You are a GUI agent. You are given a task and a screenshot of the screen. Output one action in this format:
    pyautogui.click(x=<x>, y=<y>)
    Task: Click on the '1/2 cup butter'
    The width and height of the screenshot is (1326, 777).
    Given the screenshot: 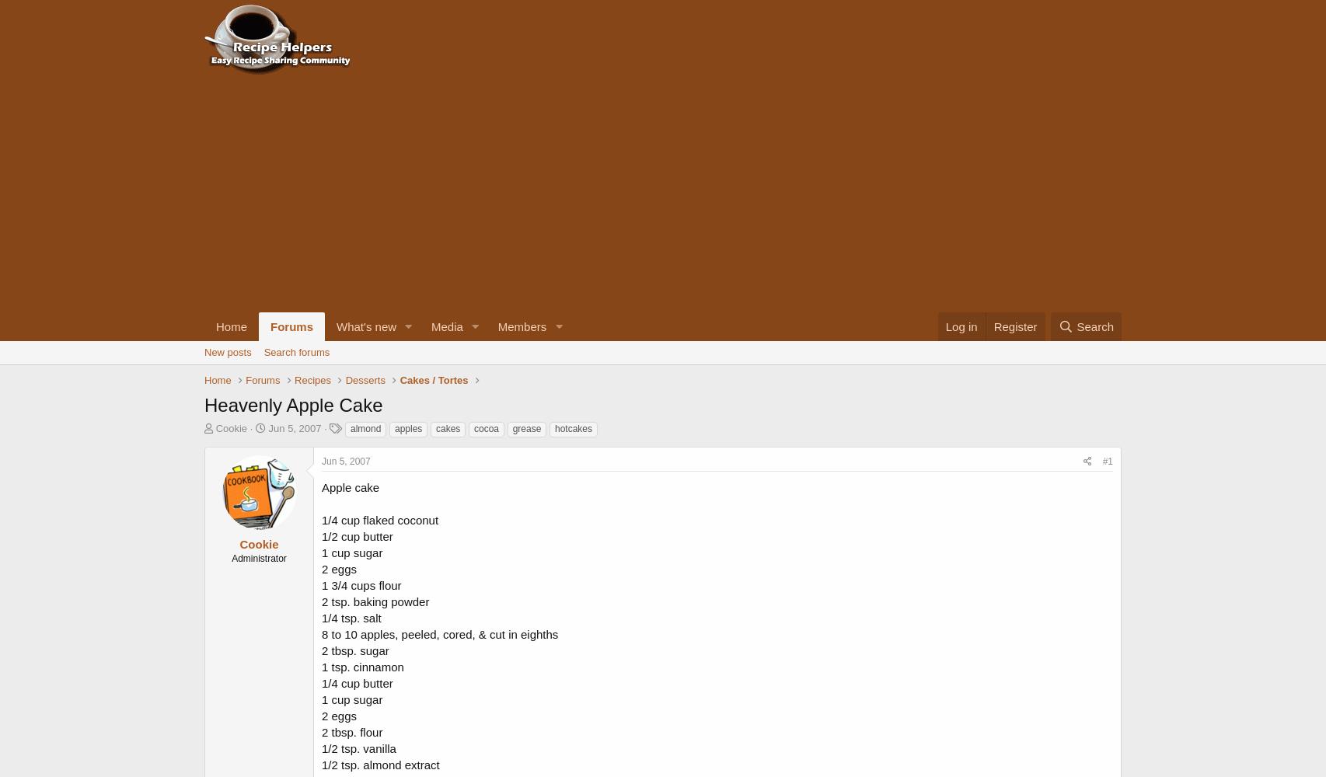 What is the action you would take?
    pyautogui.click(x=356, y=535)
    